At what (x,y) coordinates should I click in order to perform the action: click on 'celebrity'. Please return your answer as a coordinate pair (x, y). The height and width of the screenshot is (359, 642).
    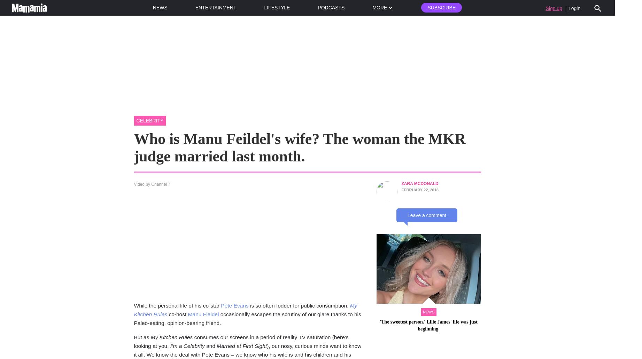
    Looking at the image, I should click on (149, 120).